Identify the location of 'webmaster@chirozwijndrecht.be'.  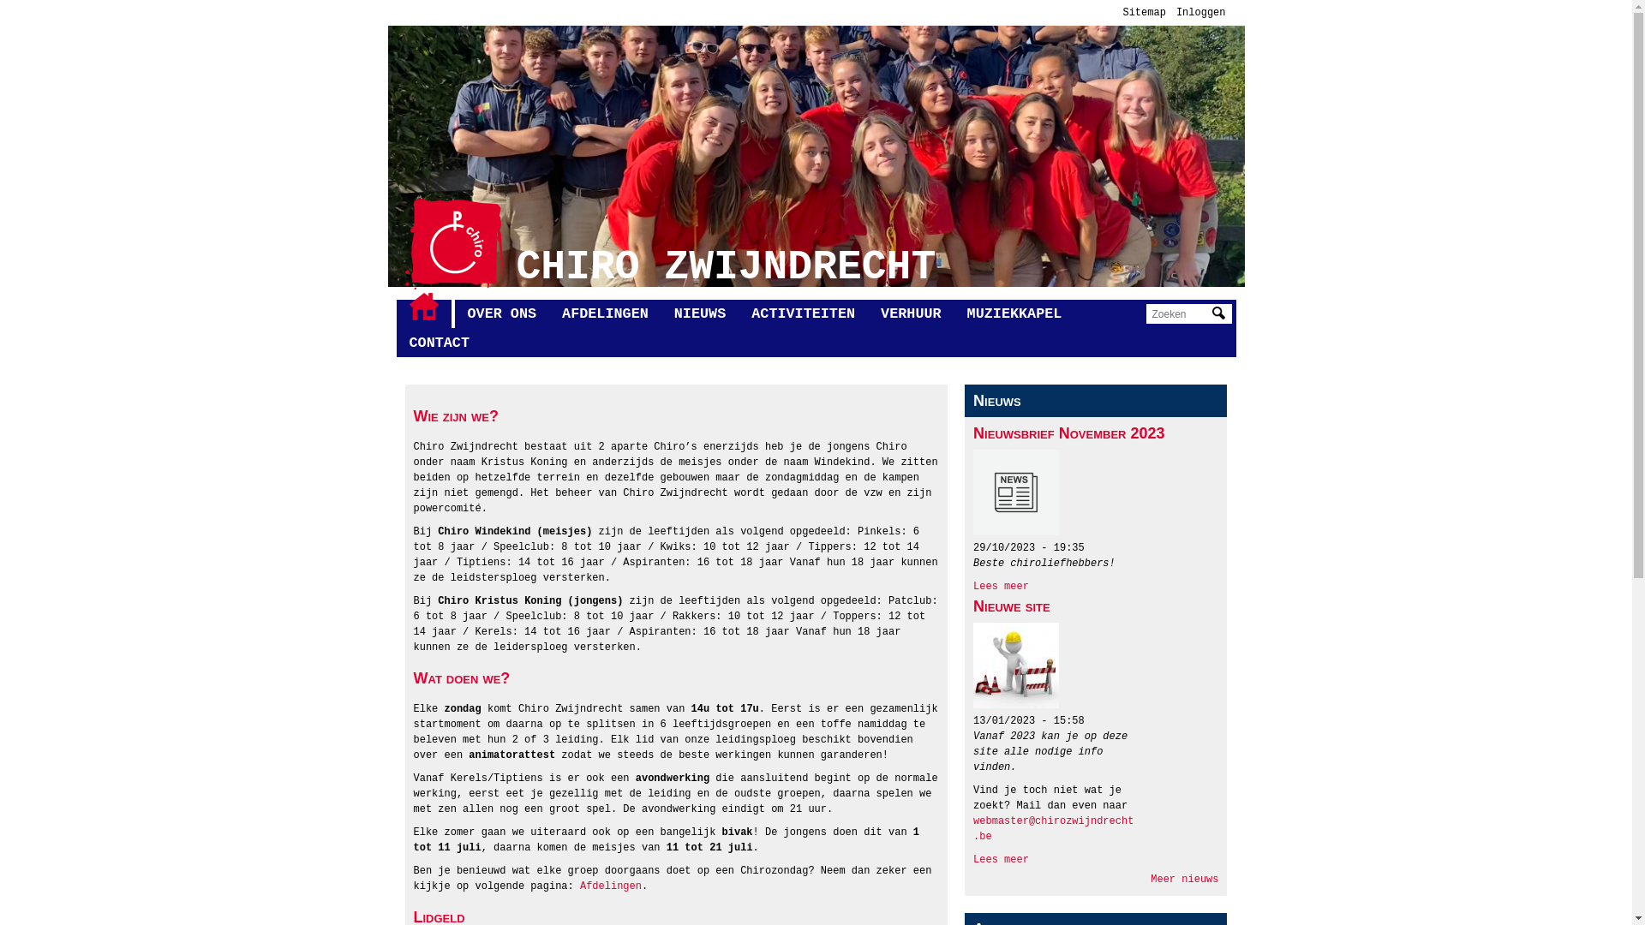
(973, 828).